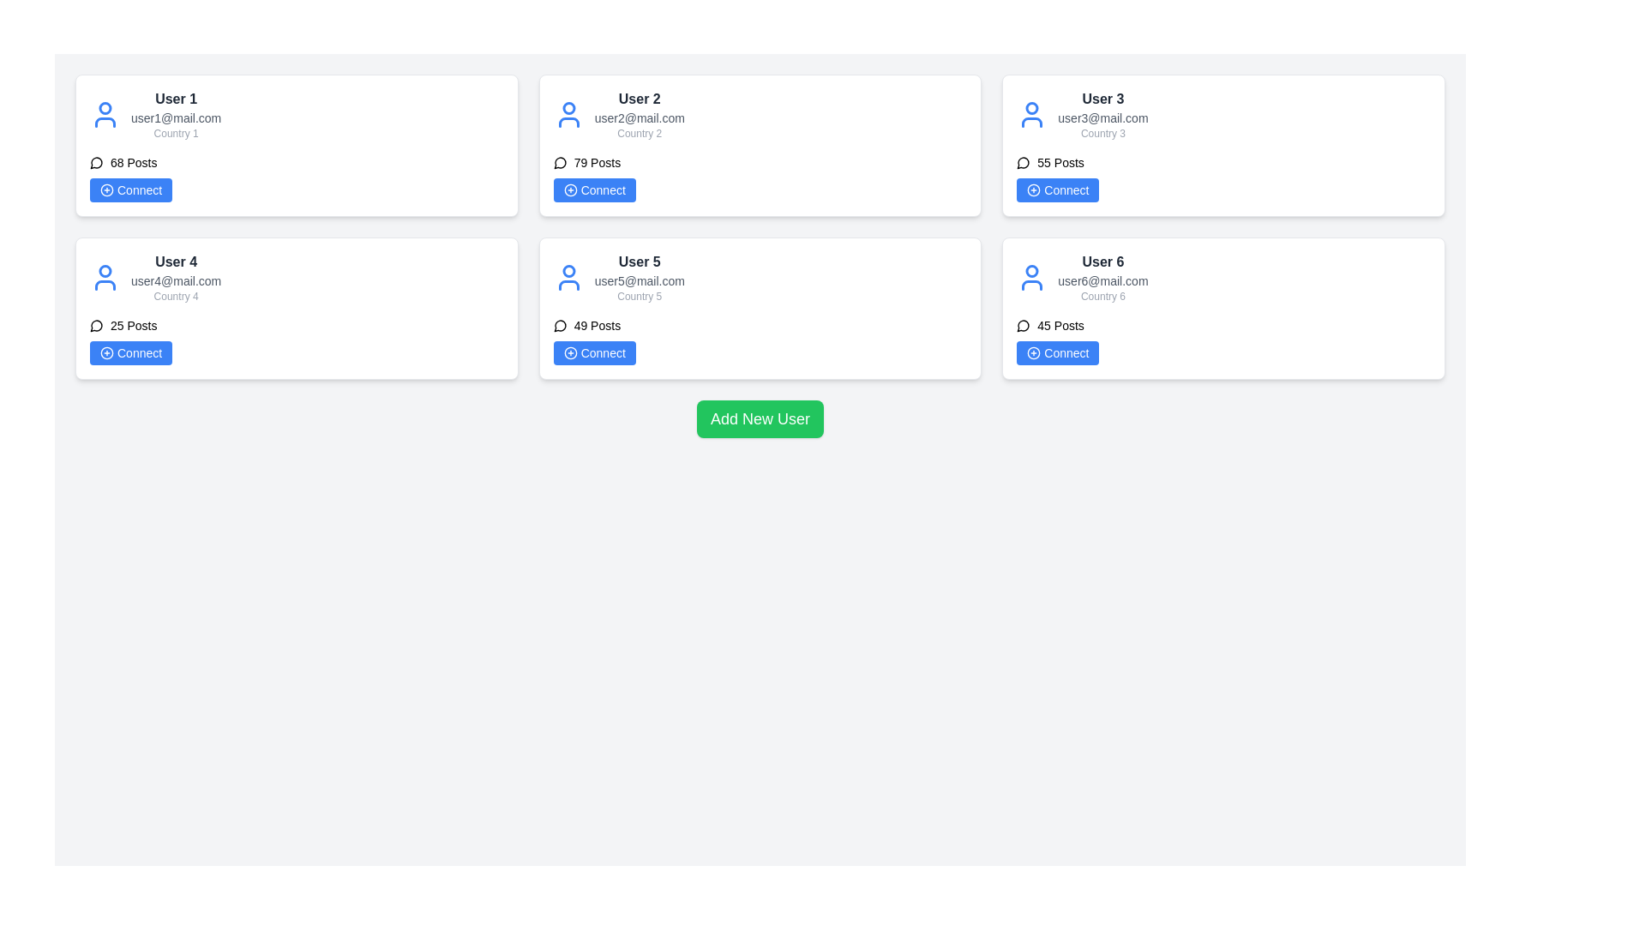  What do you see at coordinates (105, 352) in the screenshot?
I see `the icon representing the 'Connect' functionality for 'User 4'` at bounding box center [105, 352].